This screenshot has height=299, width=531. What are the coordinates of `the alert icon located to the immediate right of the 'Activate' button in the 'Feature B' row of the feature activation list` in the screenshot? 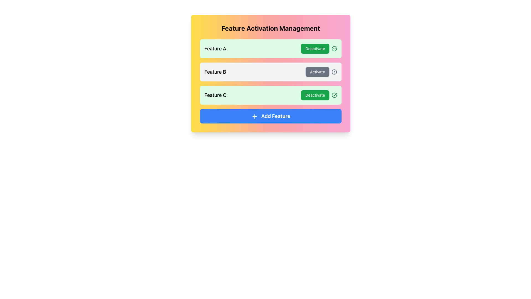 It's located at (334, 71).